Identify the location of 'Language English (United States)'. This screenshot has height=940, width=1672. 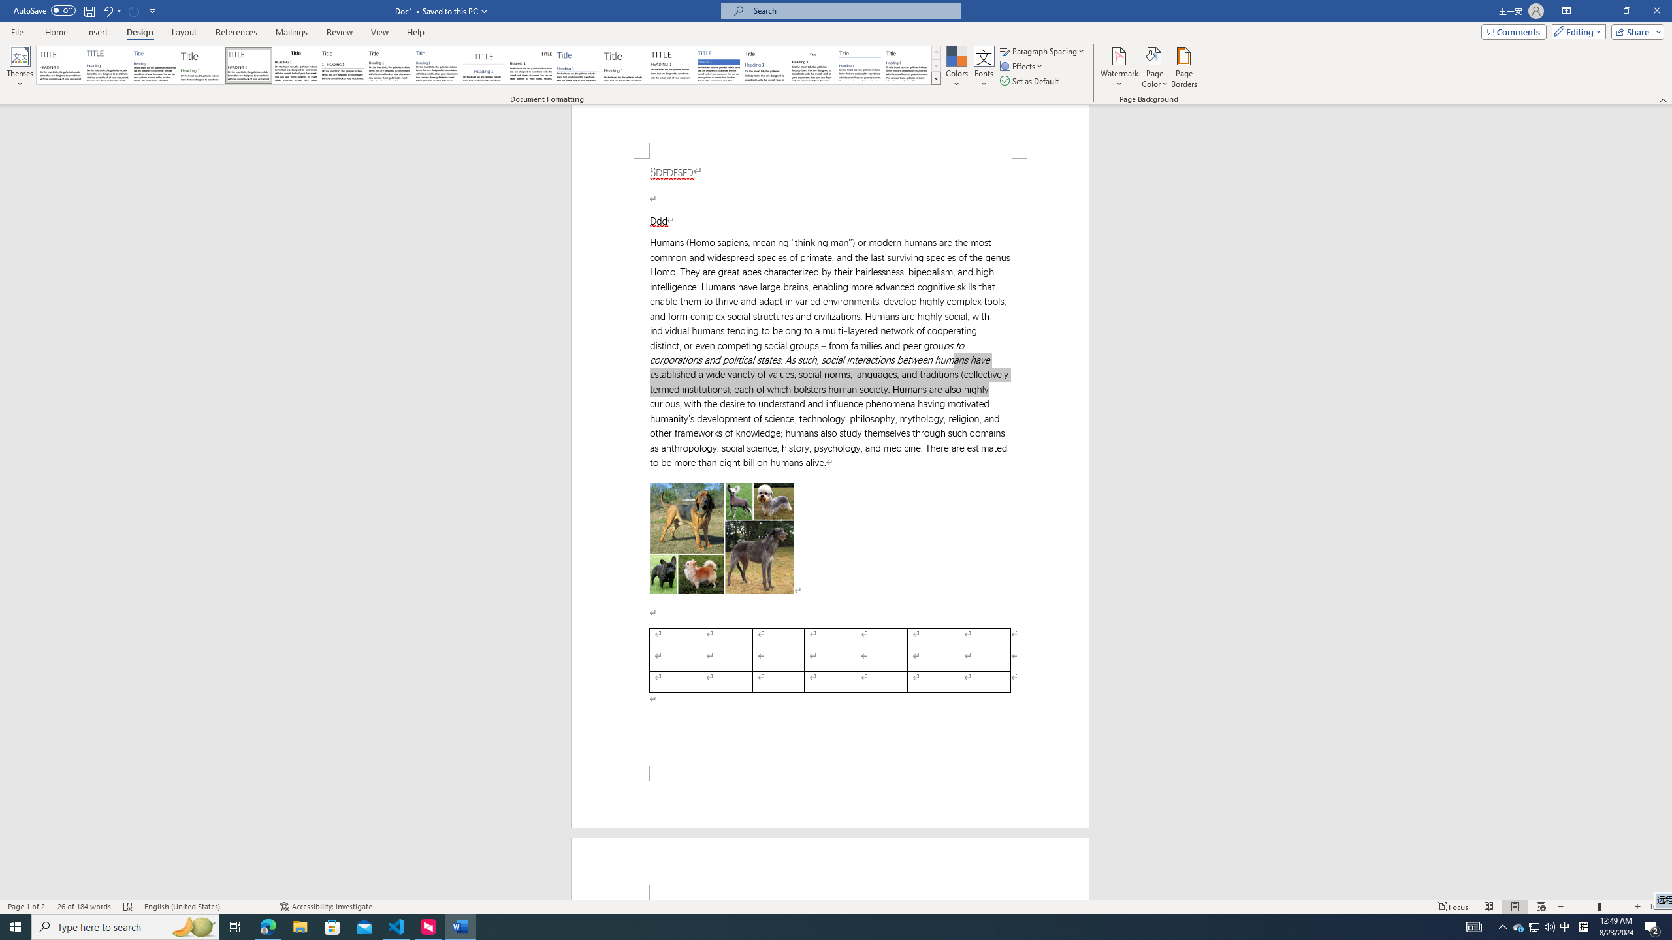
(204, 907).